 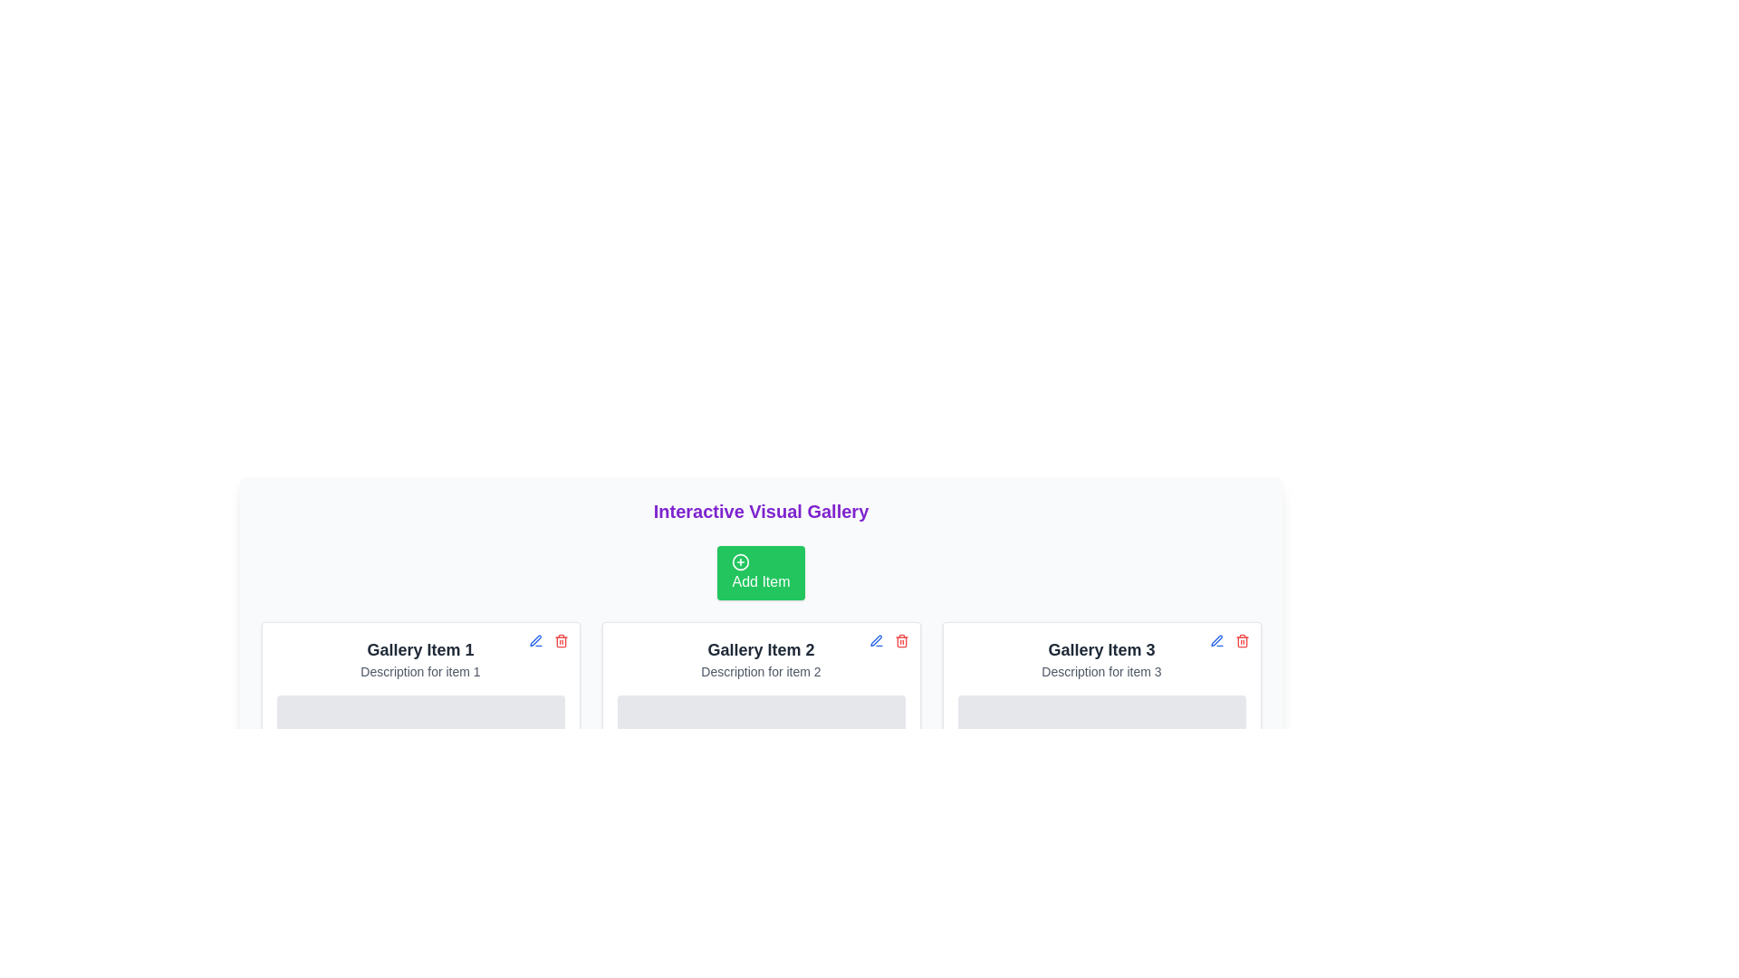 I want to click on the green rectangular button labeled 'Add Item' with a plus icon, so click(x=761, y=572).